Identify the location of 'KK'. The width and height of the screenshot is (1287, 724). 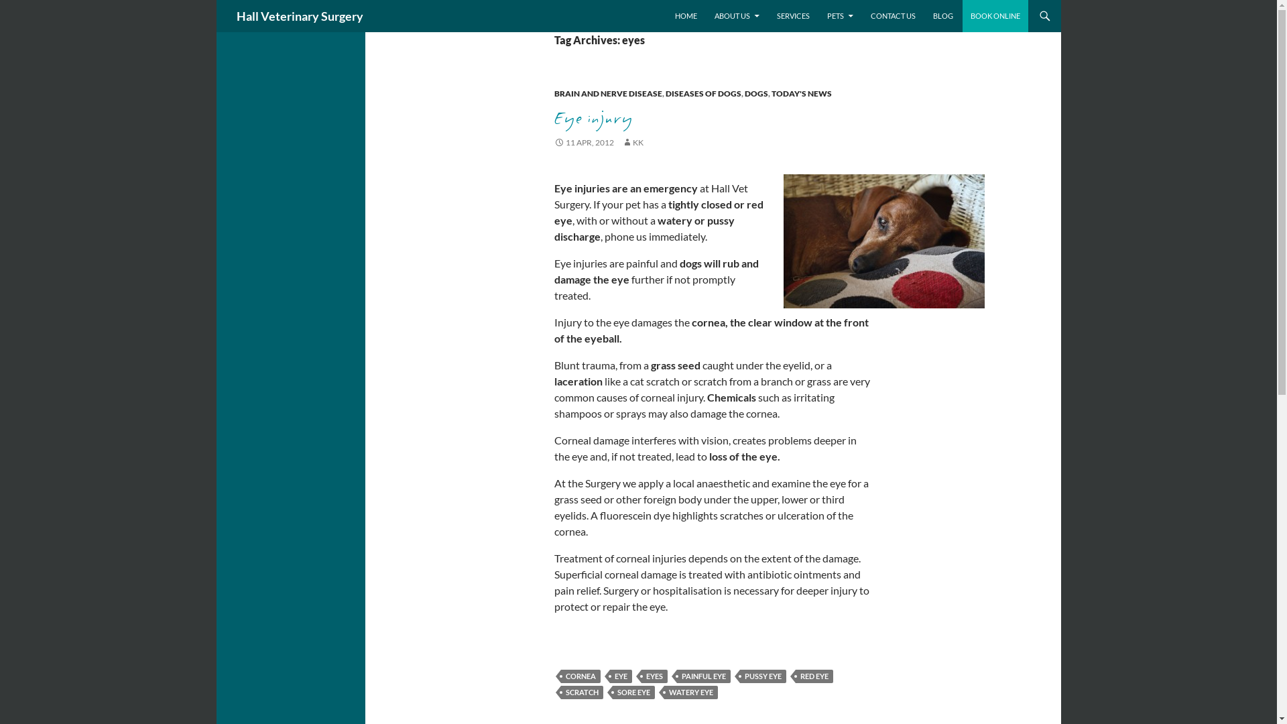
(632, 142).